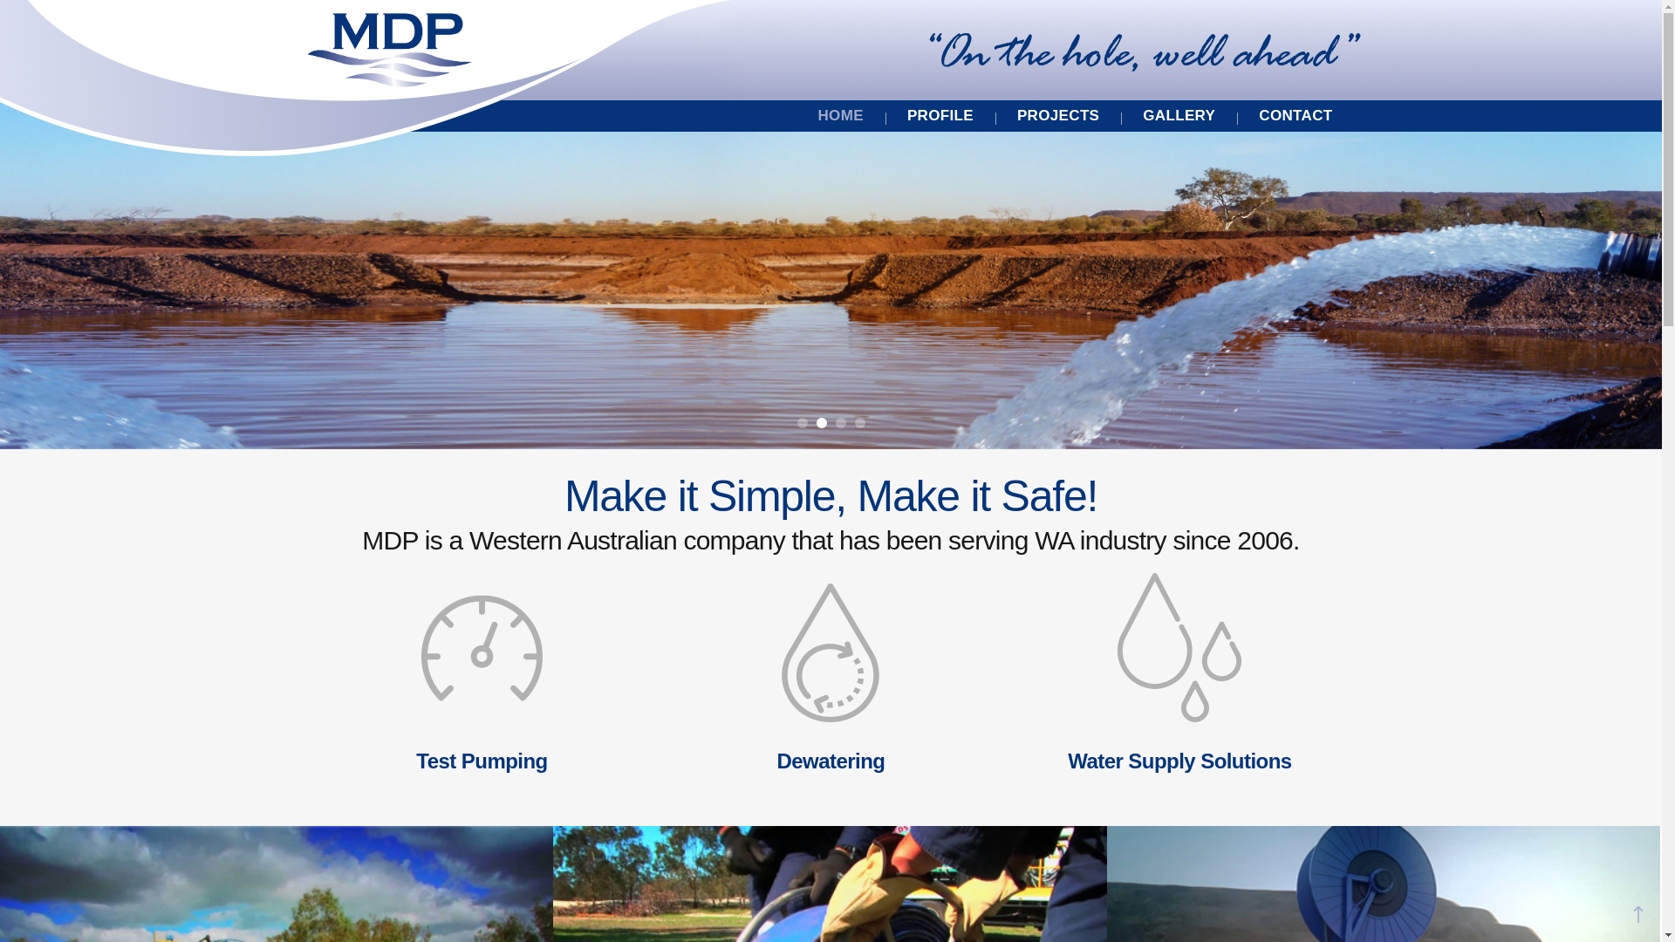 Image resolution: width=1675 pixels, height=942 pixels. I want to click on '4', so click(859, 423).